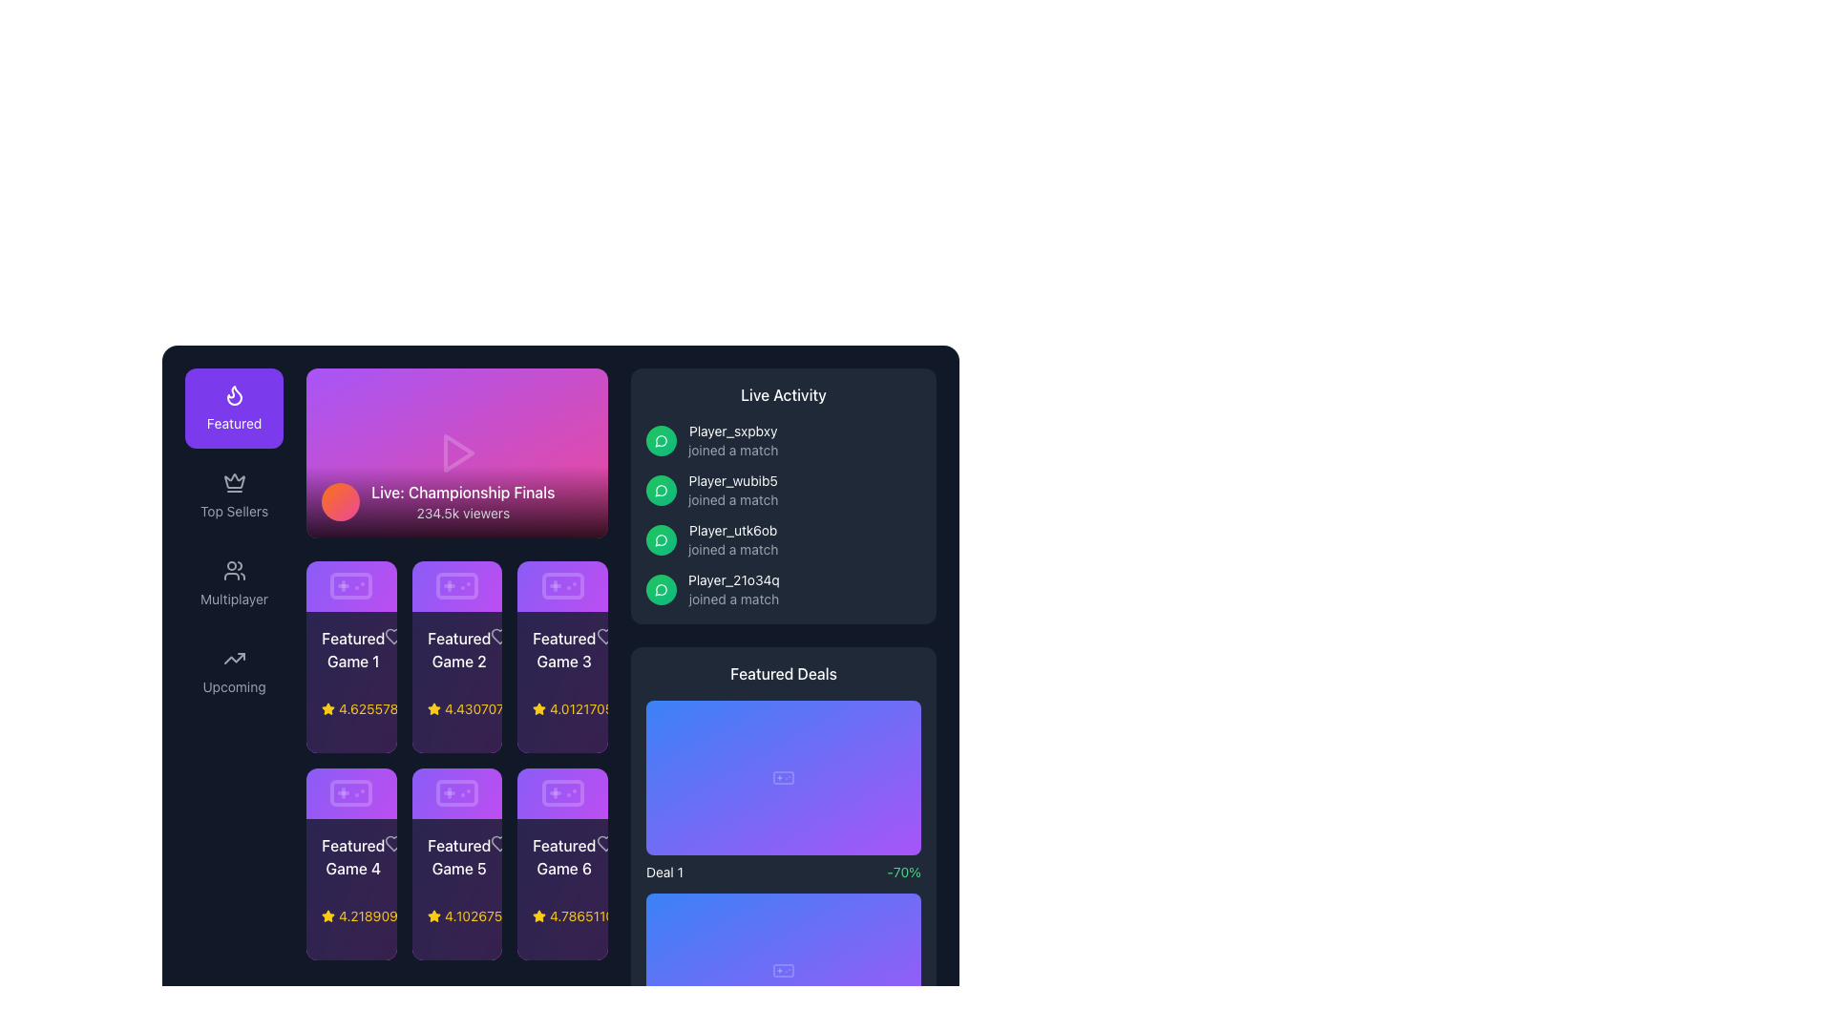  What do you see at coordinates (604, 636) in the screenshot?
I see `the like icon button associated with 'Featured Game 3' by moving the cursor to its center` at bounding box center [604, 636].